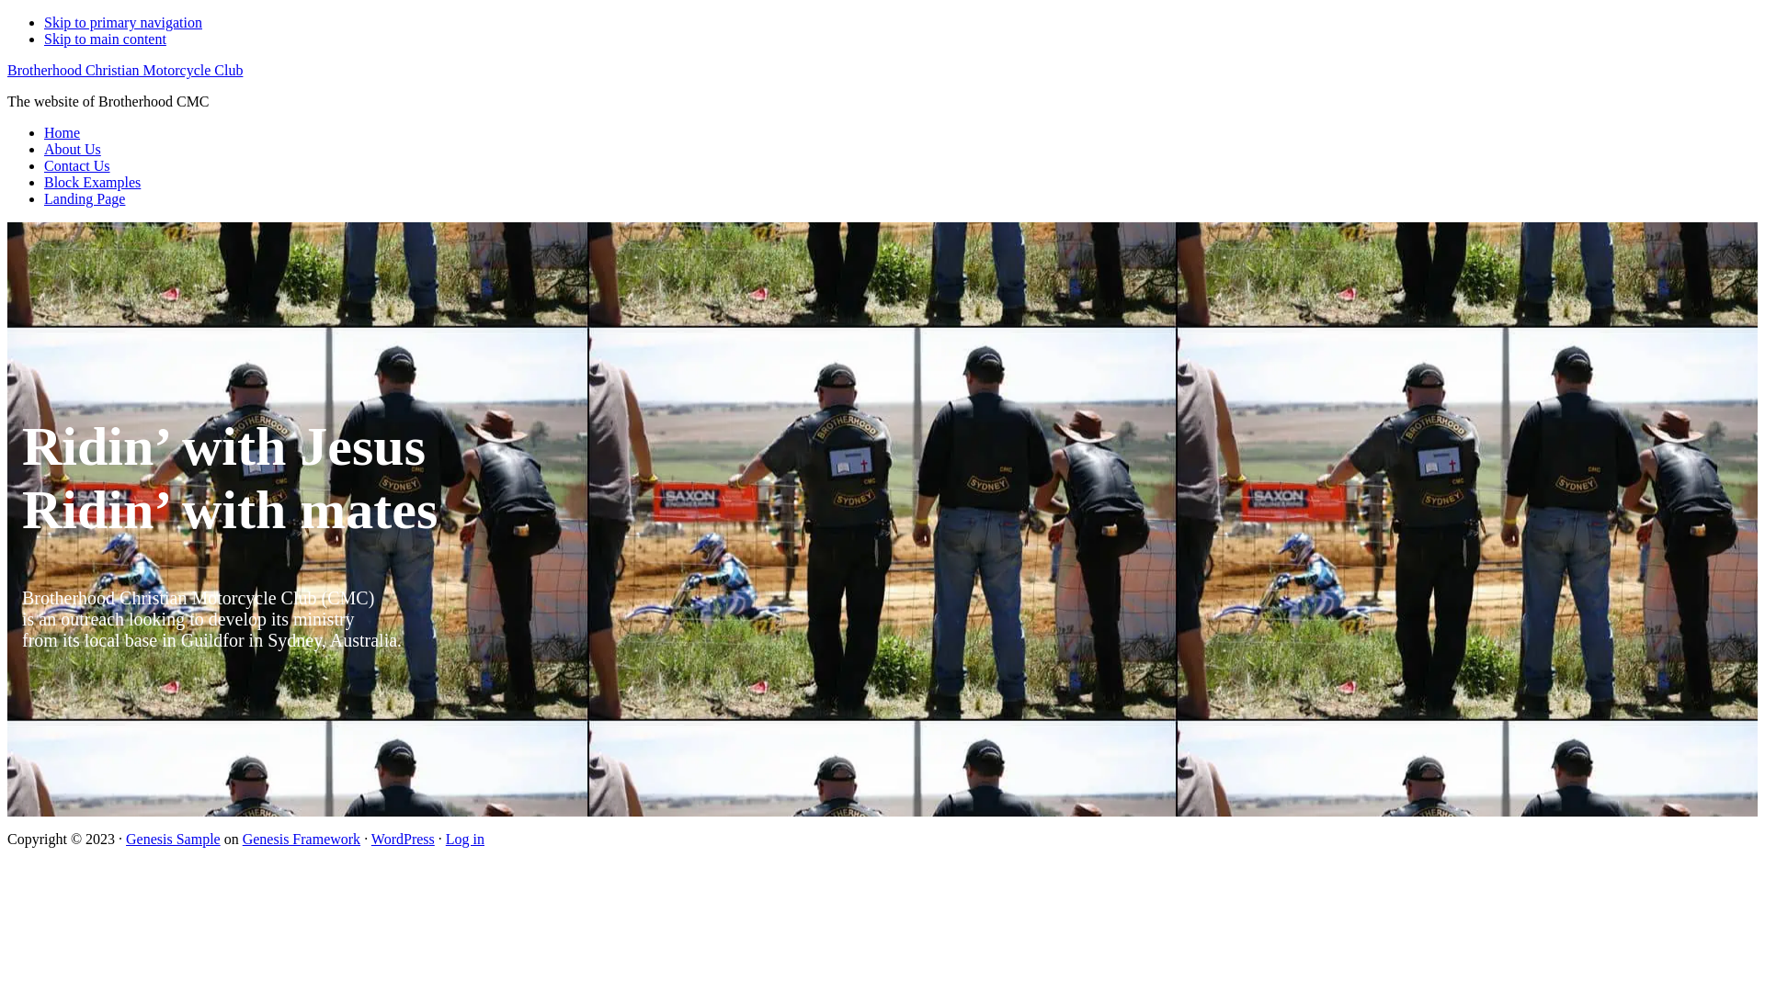 The image size is (1765, 992). Describe the element at coordinates (301, 839) in the screenshot. I see `'Genesis Framework'` at that location.